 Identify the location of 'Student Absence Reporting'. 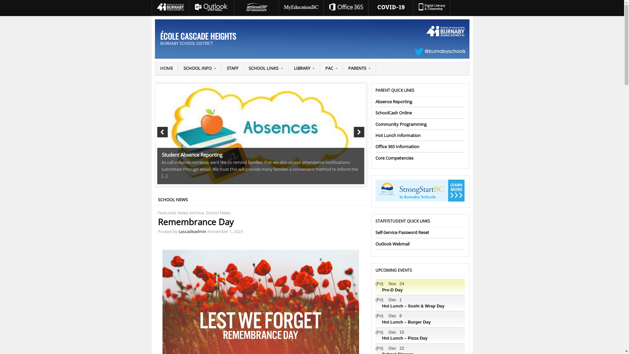
(260, 134).